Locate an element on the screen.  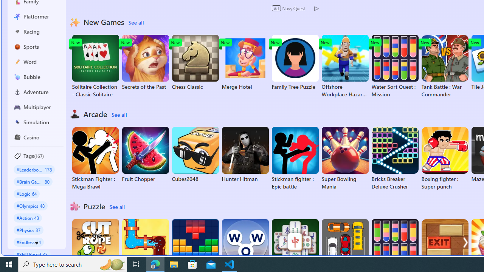
'Family Tree Puzzle' is located at coordinates (295, 62).